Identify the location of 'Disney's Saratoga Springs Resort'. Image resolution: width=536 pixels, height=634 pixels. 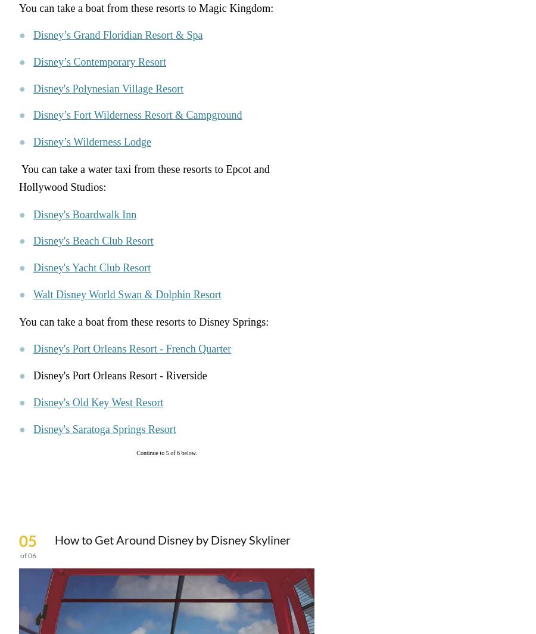
(104, 428).